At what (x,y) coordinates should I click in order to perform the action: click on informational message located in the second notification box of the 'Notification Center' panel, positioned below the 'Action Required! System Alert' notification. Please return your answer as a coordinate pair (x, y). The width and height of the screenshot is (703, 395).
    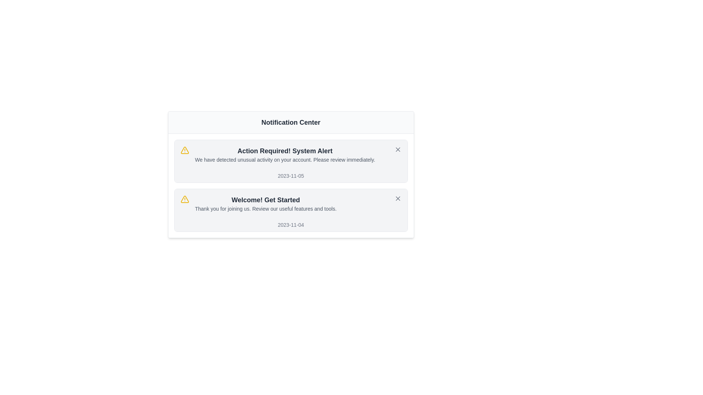
    Looking at the image, I should click on (265, 203).